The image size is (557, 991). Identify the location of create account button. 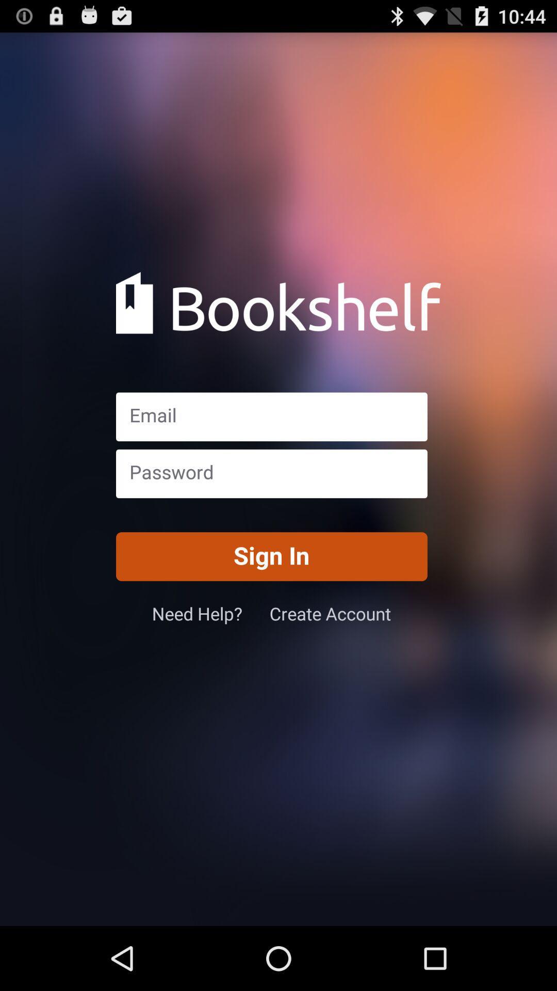
(330, 613).